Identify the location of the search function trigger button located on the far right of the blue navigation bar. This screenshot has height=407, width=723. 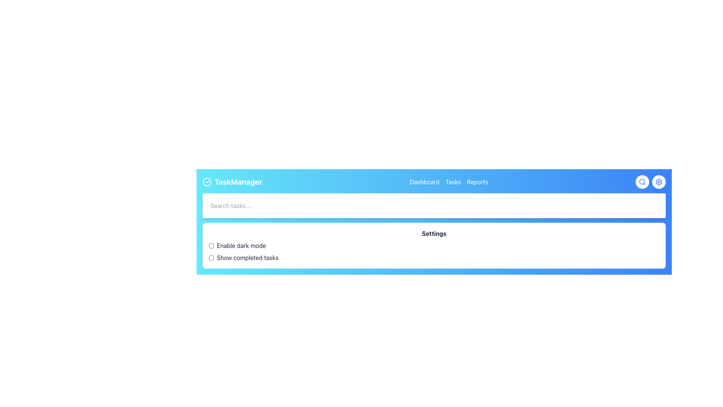
(642, 182).